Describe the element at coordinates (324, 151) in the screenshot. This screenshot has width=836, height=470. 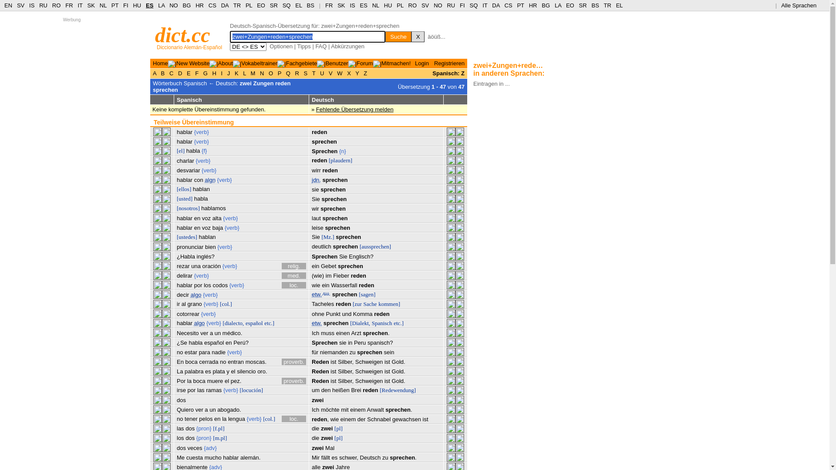
I see `'Sprechen'` at that location.